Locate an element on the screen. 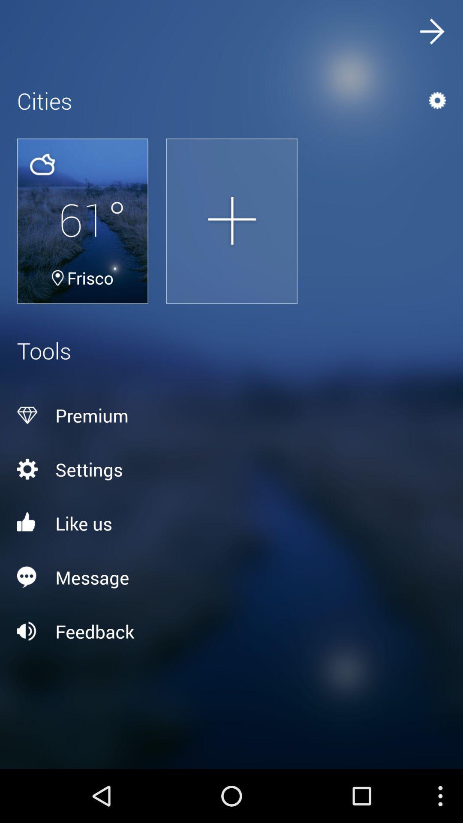  right of 61 is located at coordinates (231, 221).